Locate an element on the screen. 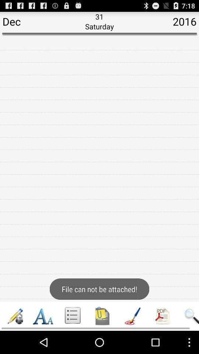 This screenshot has width=199, height=354. the font icon is located at coordinates (43, 338).